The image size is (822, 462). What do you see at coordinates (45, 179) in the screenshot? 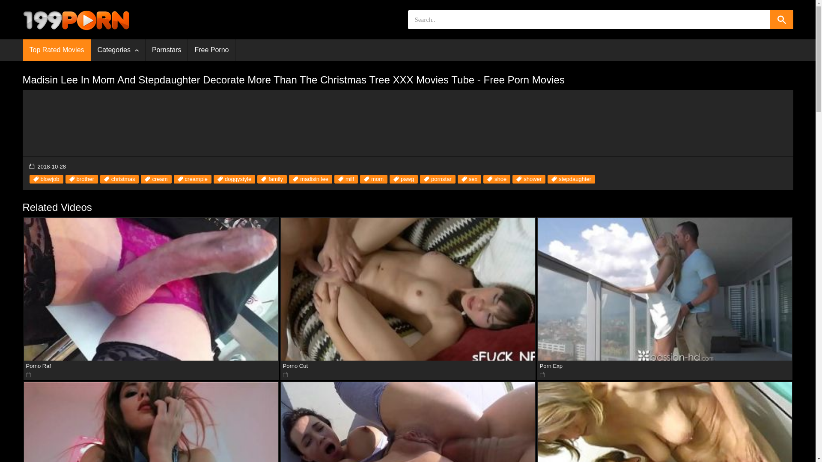
I see `'blowjob'` at bounding box center [45, 179].